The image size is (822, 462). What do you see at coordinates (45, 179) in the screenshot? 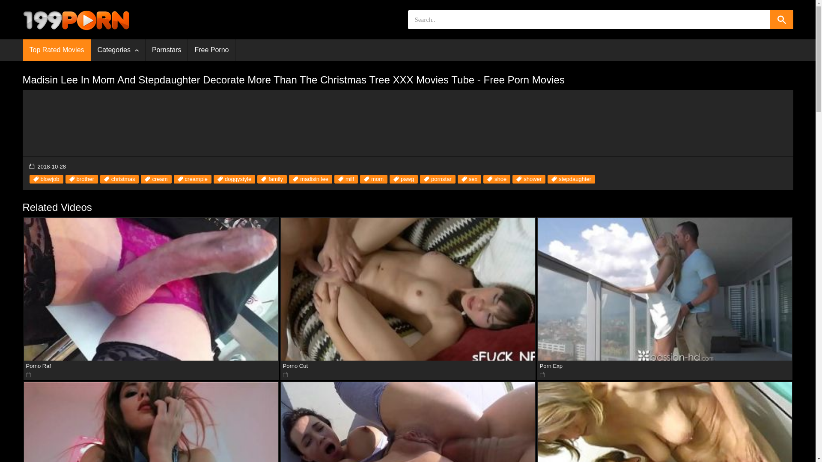
I see `'blowjob'` at bounding box center [45, 179].